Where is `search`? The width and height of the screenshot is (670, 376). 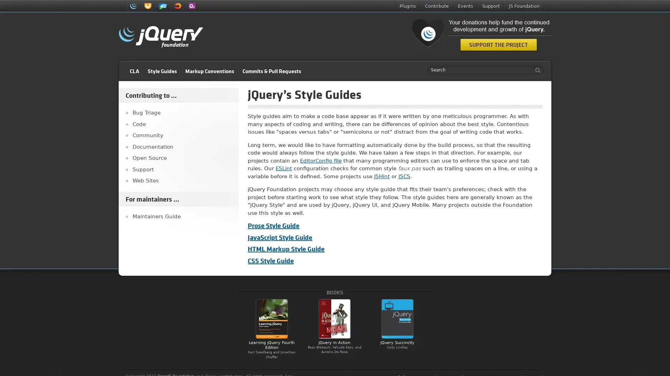
search is located at coordinates (536, 70).